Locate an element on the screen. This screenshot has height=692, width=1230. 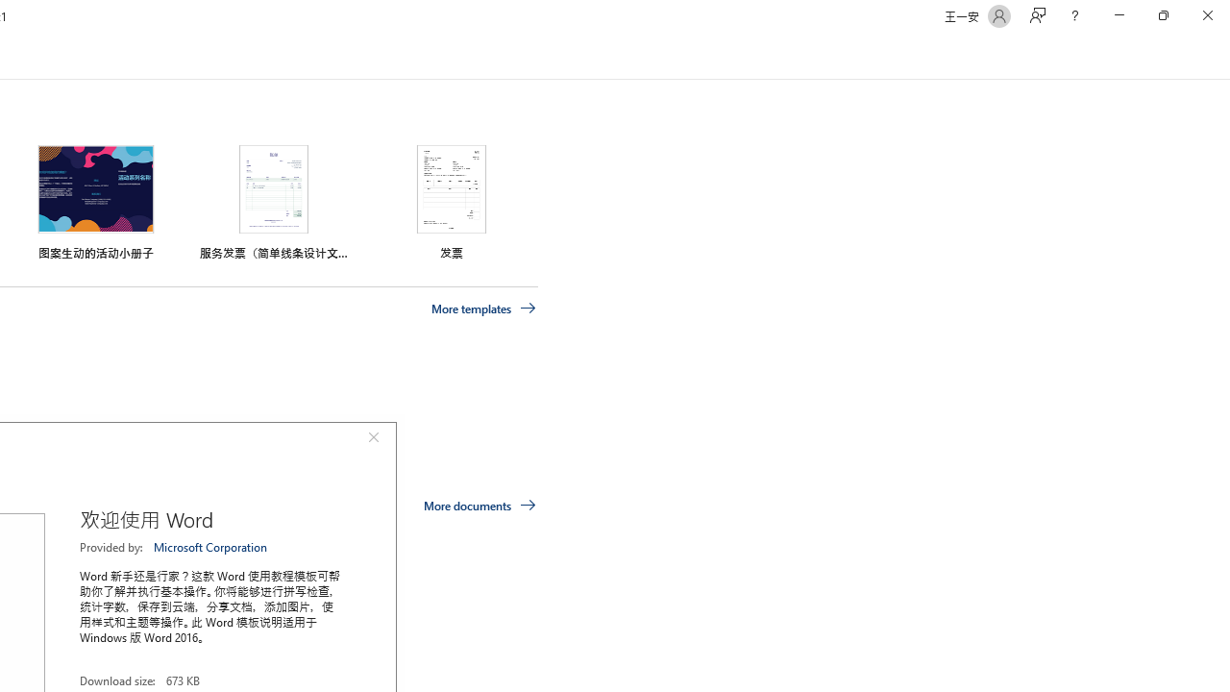
'More documents' is located at coordinates (480, 504).